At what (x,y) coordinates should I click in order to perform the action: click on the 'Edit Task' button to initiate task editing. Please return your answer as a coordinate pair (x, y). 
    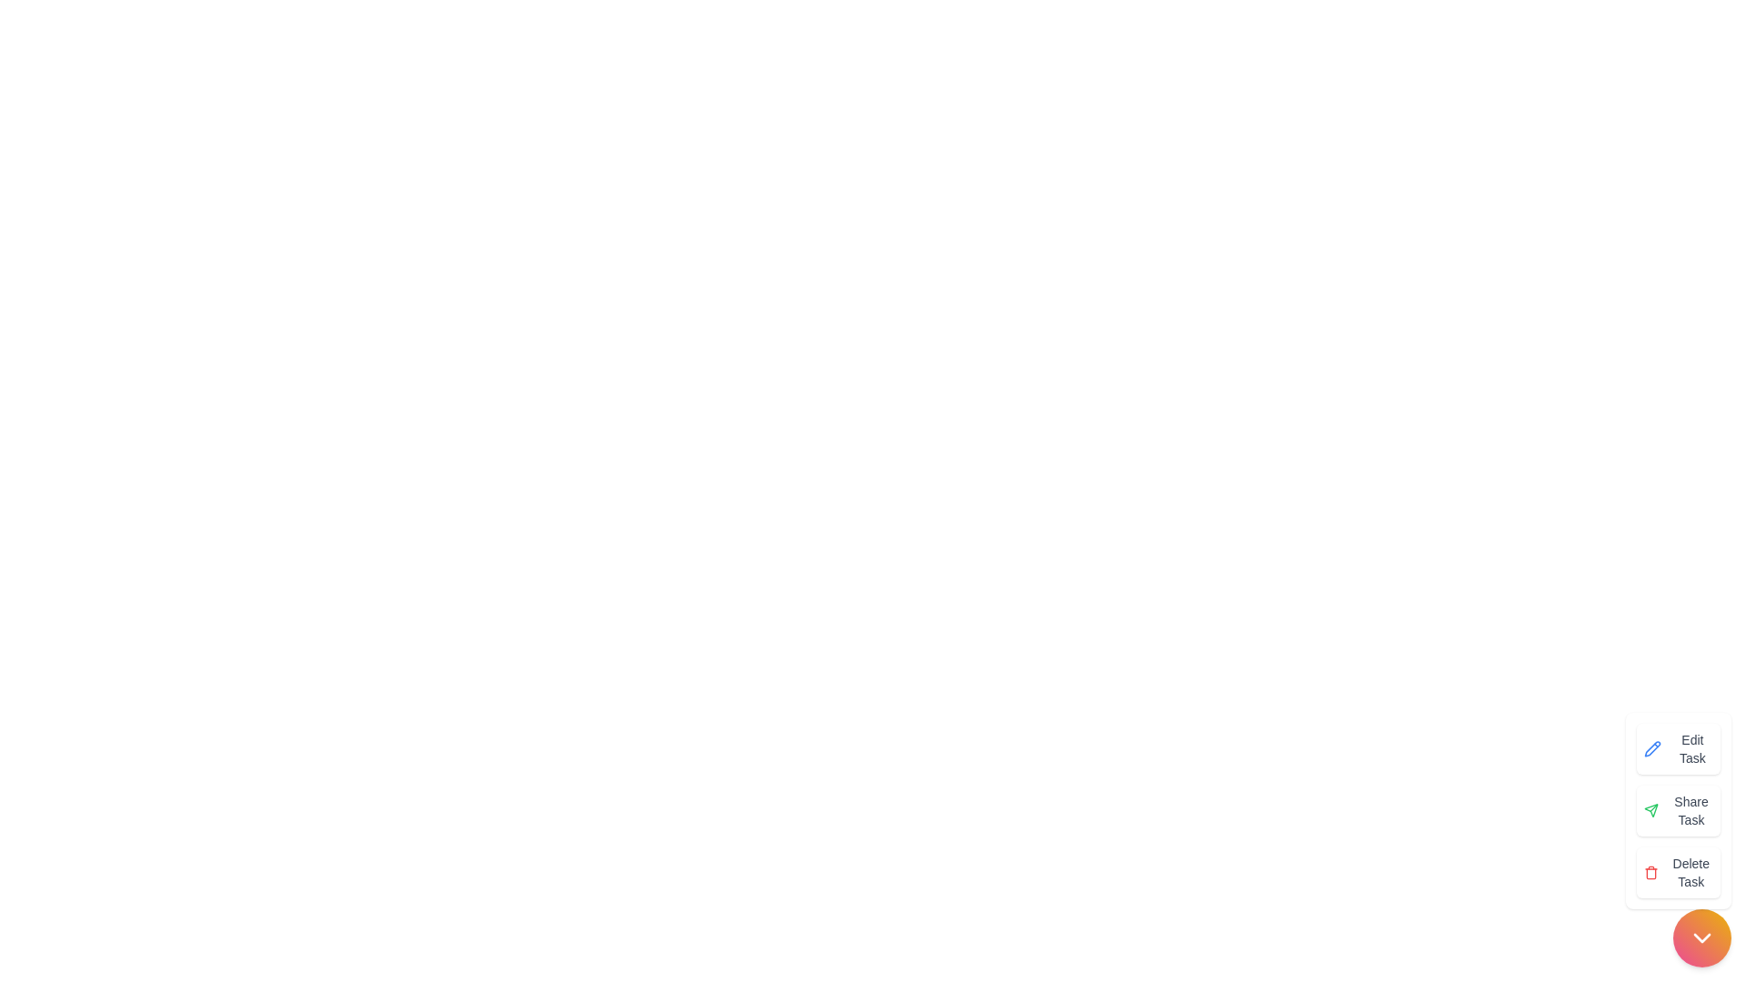
    Looking at the image, I should click on (1677, 749).